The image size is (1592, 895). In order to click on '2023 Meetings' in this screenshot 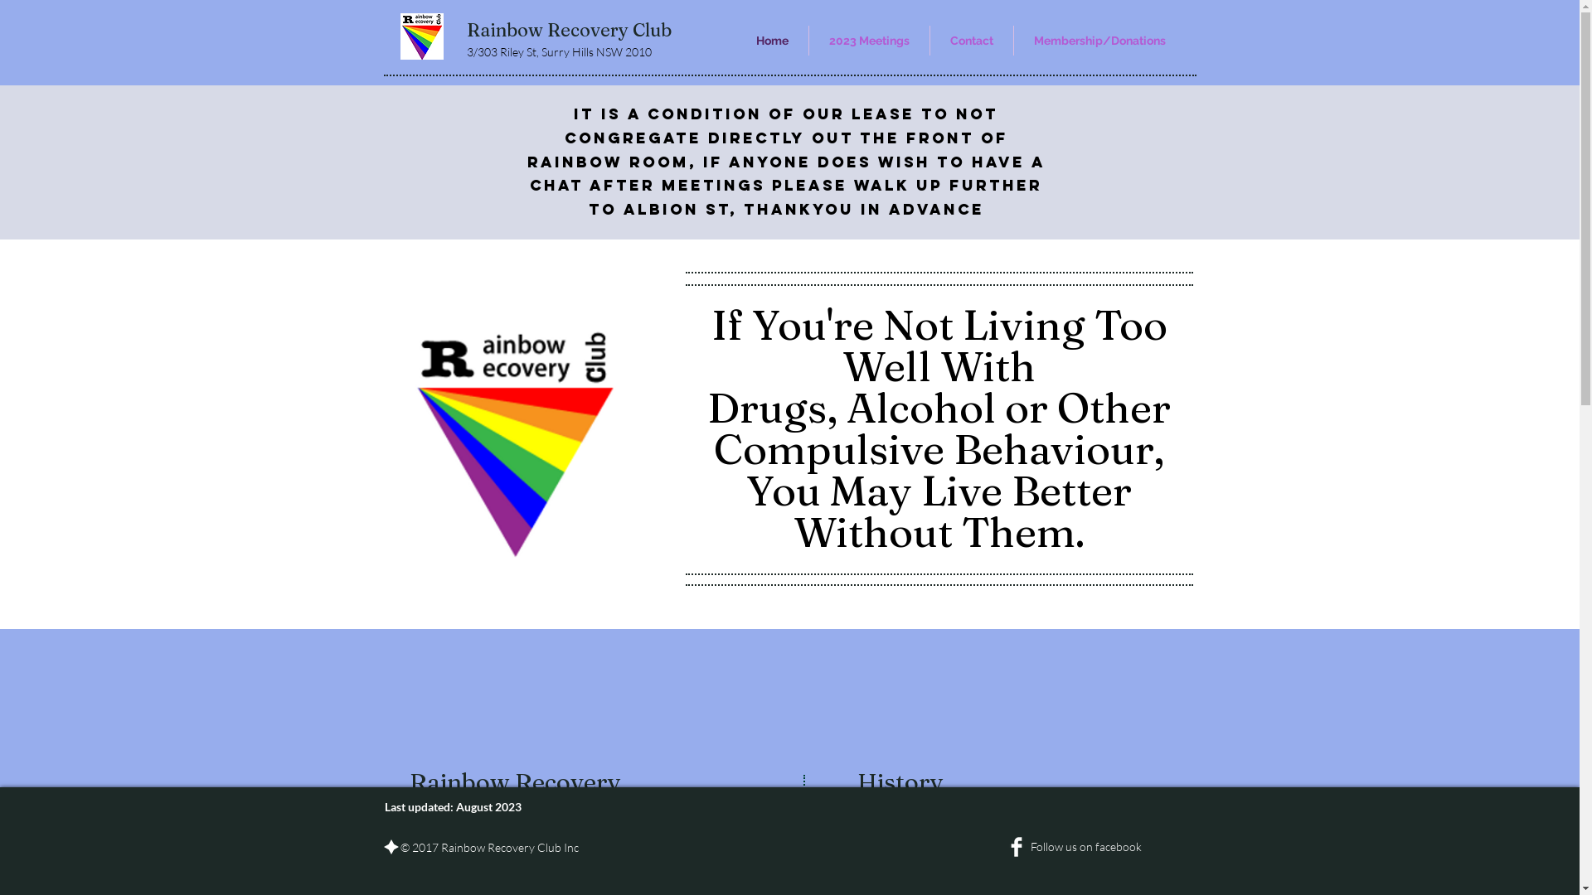, I will do `click(868, 40)`.